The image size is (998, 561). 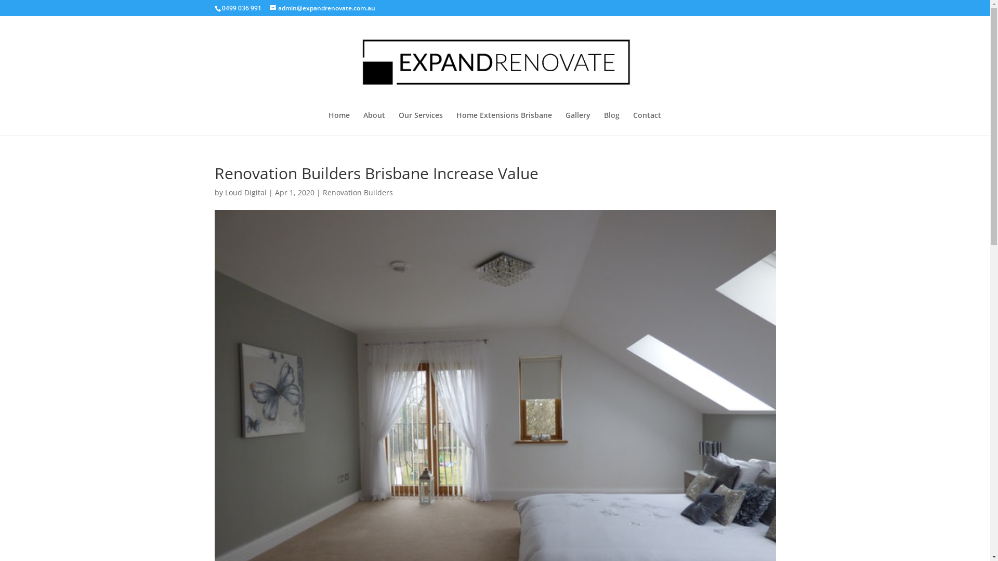 I want to click on 'Renovation Builders', so click(x=357, y=192).